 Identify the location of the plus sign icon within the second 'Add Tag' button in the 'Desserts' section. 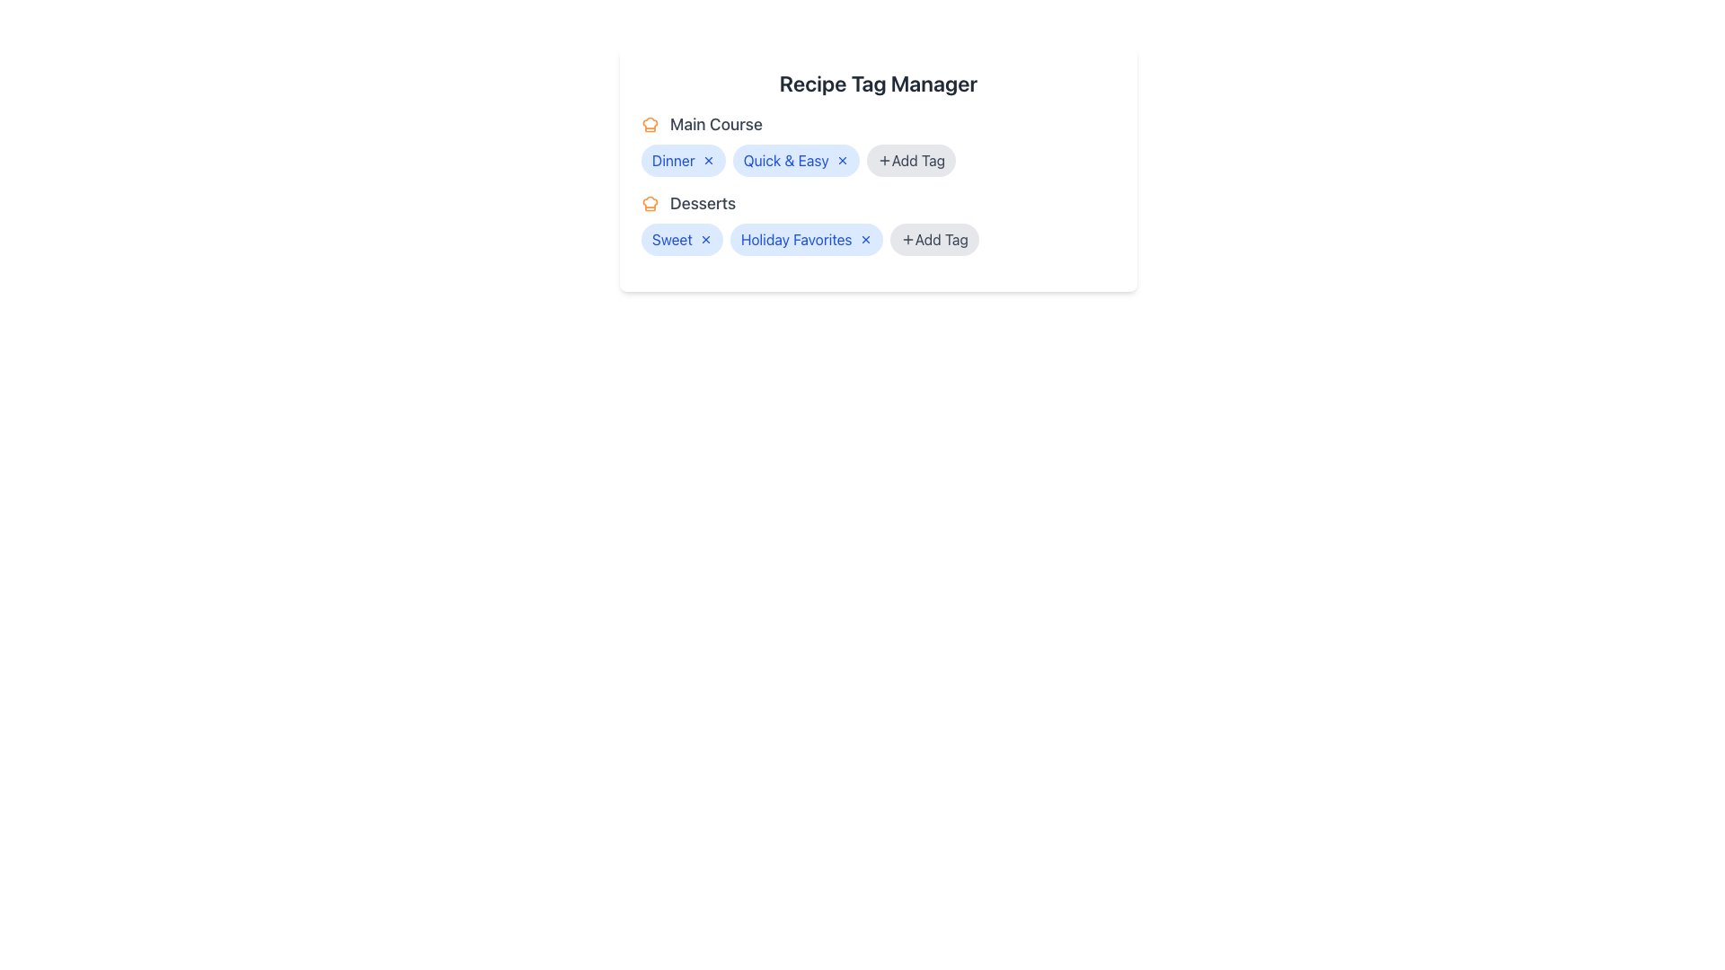
(907, 238).